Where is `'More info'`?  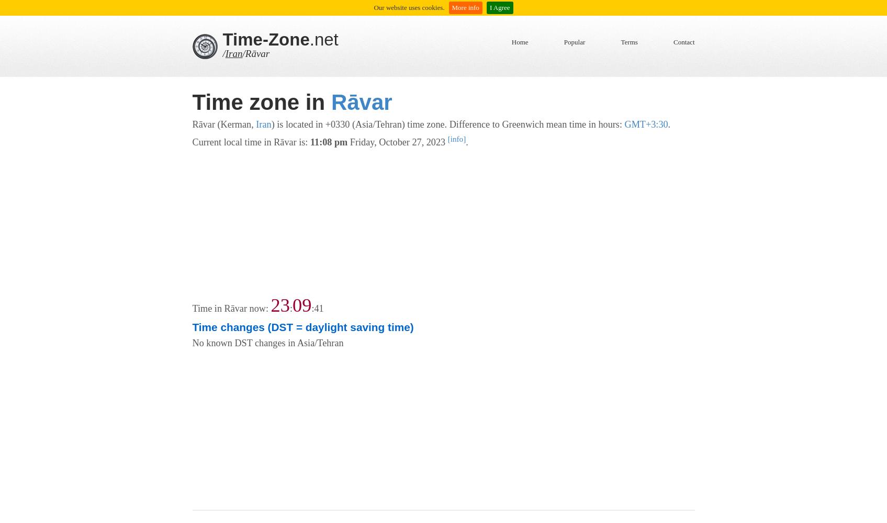
'More info' is located at coordinates (465, 7).